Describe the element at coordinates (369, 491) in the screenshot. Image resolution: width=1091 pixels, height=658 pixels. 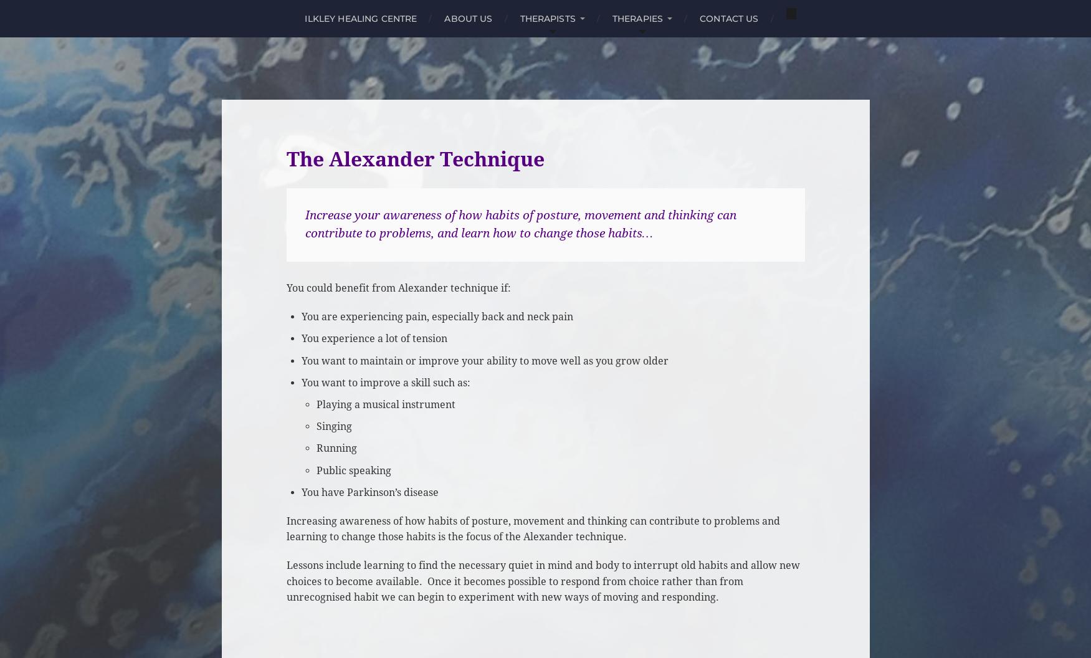
I see `'You have Parkinson’s disease'` at that location.